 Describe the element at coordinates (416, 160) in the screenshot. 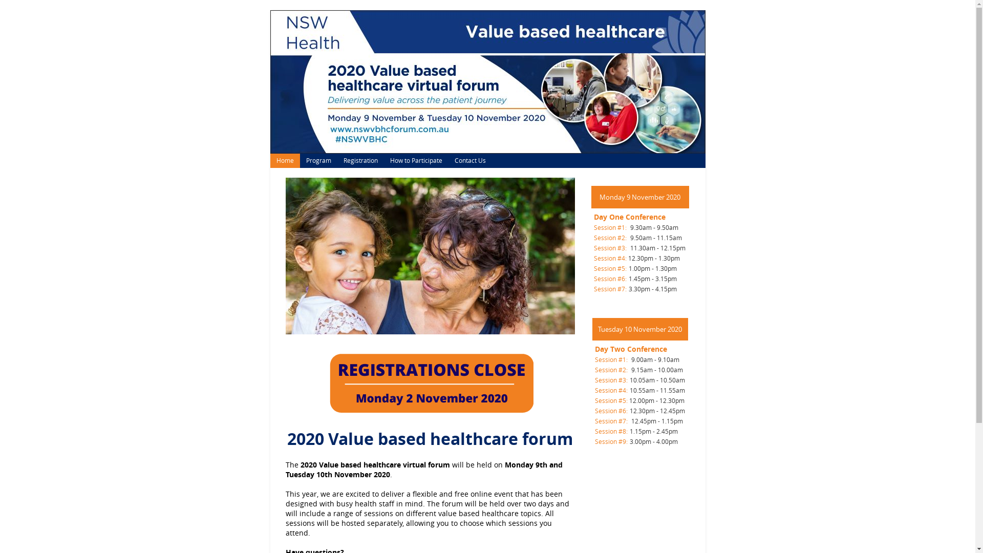

I see `'How to Participate'` at that location.